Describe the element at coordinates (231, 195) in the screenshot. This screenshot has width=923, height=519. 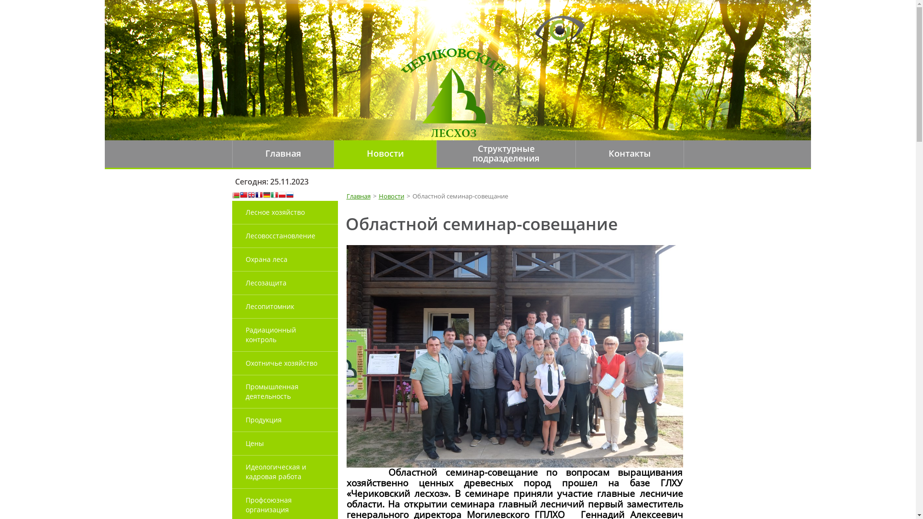
I see `'Belarusian'` at that location.